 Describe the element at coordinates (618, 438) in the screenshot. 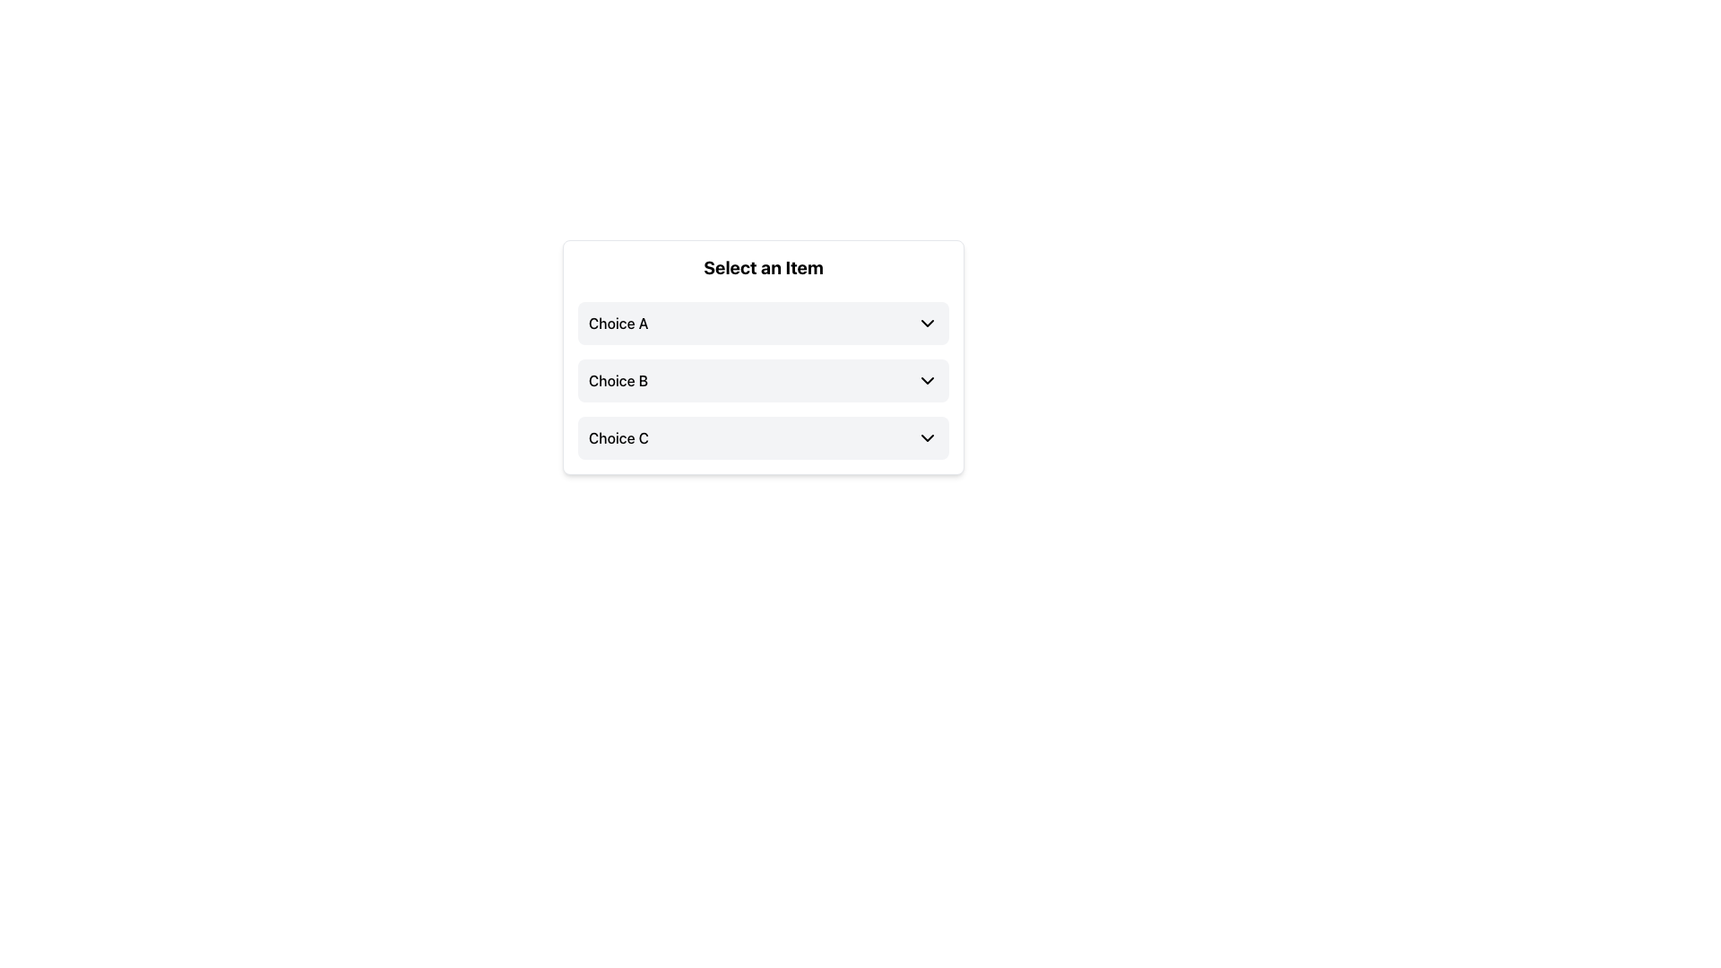

I see `label text for the third selectable dropdown option, located to the left of the chevron icon` at that location.